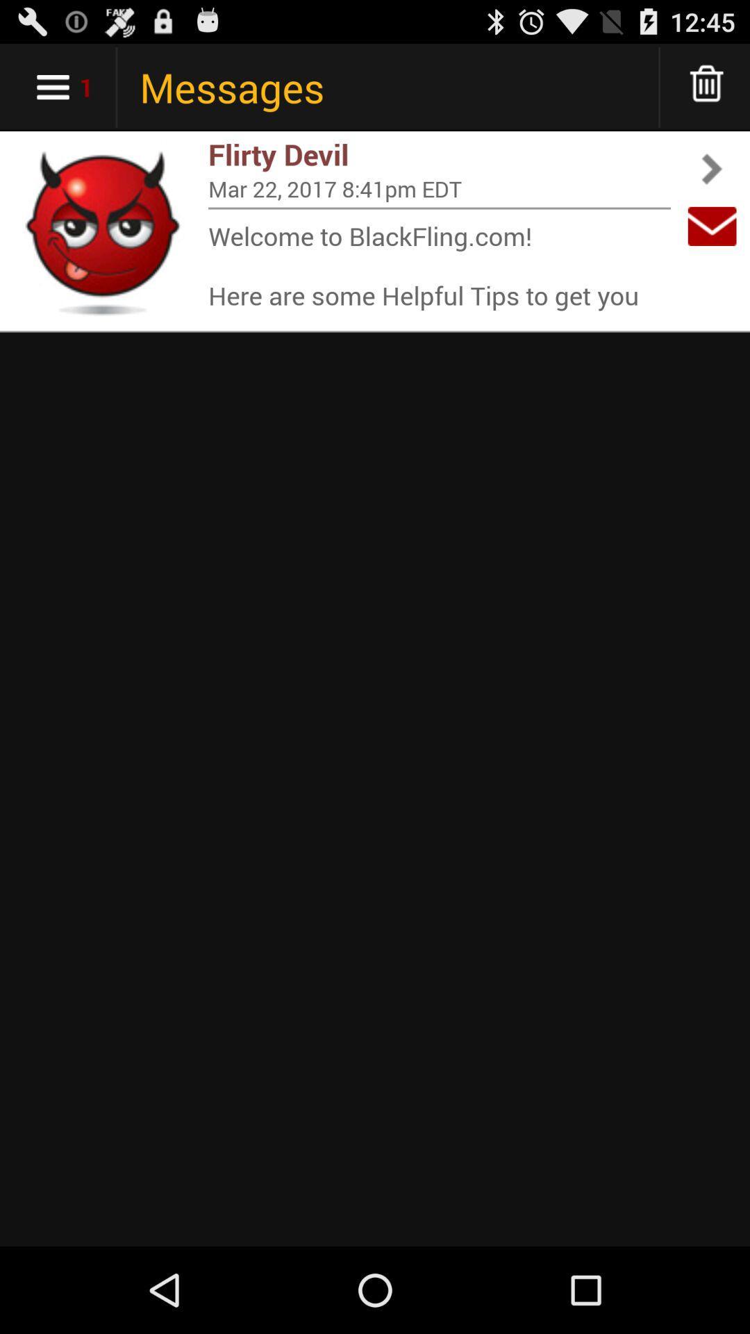  Describe the element at coordinates (439, 188) in the screenshot. I see `the mar 22 2017 app` at that location.